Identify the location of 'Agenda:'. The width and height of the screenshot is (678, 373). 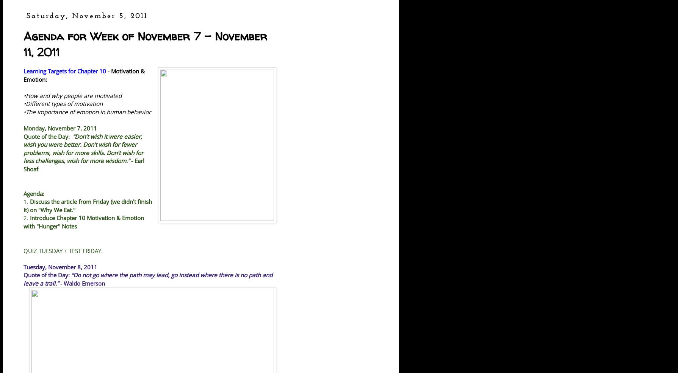
(23, 193).